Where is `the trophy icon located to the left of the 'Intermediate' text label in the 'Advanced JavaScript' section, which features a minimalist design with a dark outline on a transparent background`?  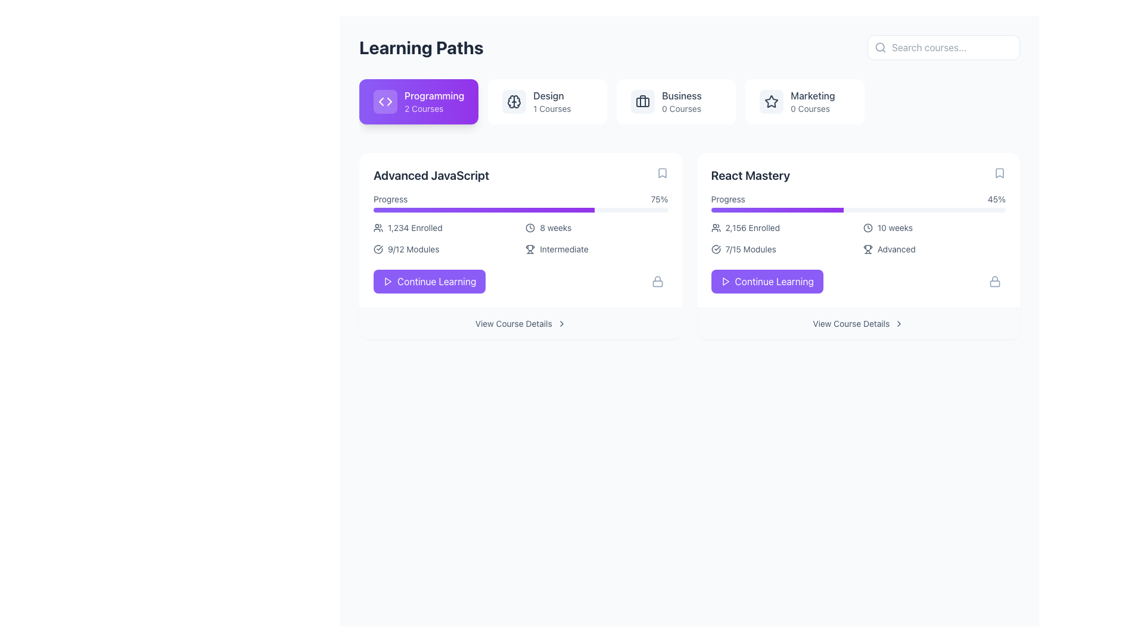
the trophy icon located to the left of the 'Intermediate' text label in the 'Advanced JavaScript' section, which features a minimalist design with a dark outline on a transparent background is located at coordinates (530, 249).